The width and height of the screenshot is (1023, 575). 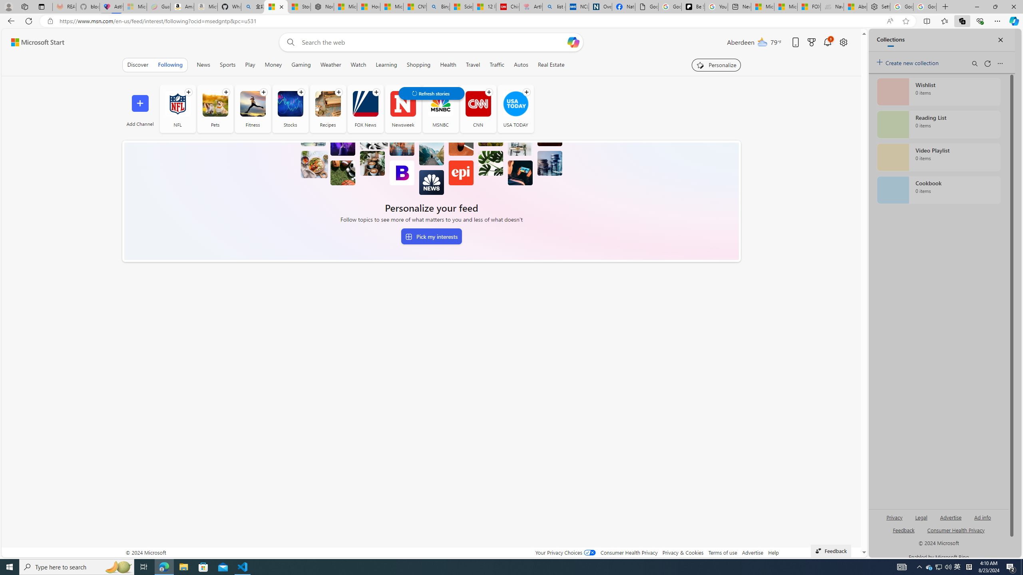 What do you see at coordinates (249, 64) in the screenshot?
I see `'Play'` at bounding box center [249, 64].